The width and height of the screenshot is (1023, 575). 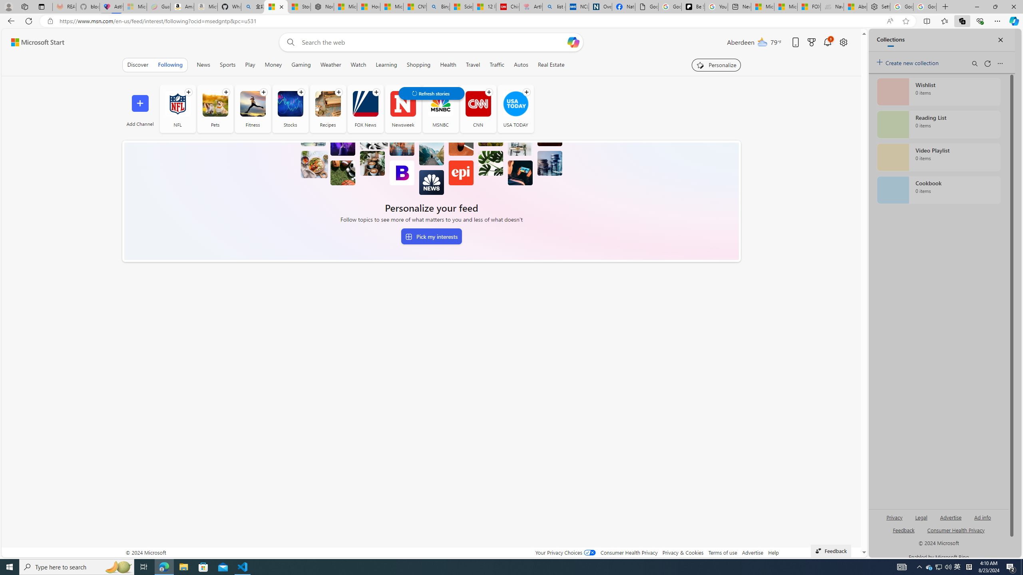 What do you see at coordinates (249, 64) in the screenshot?
I see `'Play'` at bounding box center [249, 64].